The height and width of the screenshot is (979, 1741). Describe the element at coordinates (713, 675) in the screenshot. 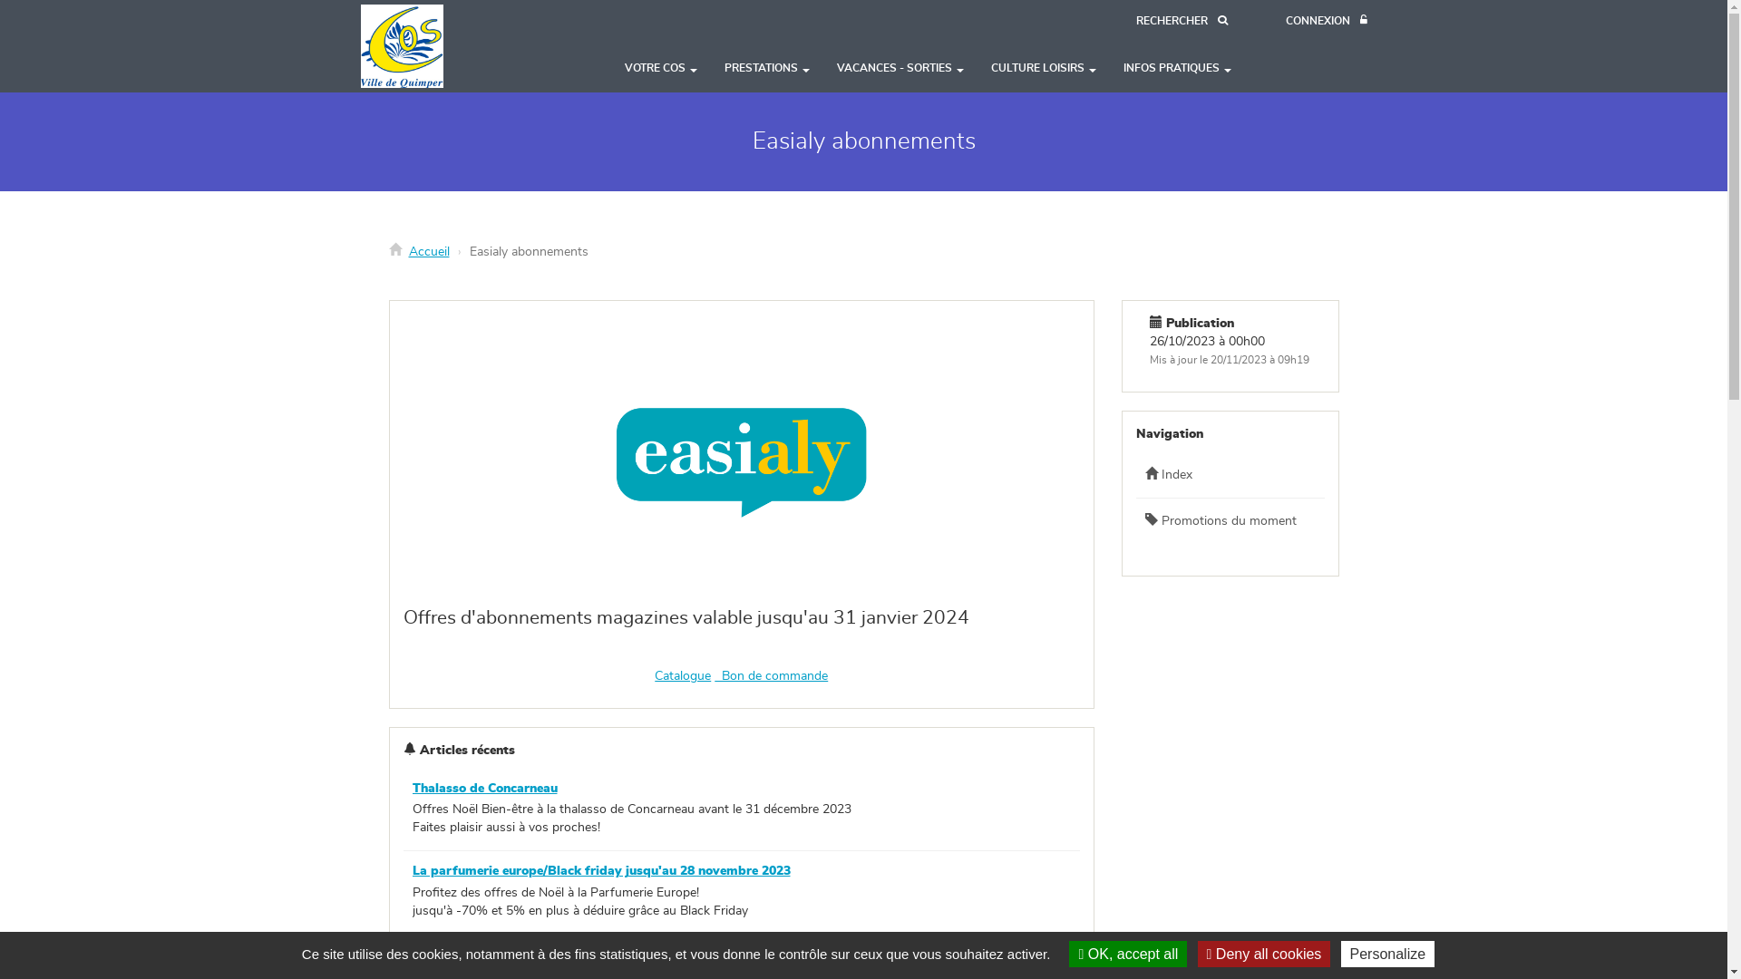

I see `' Bon de commande'` at that location.